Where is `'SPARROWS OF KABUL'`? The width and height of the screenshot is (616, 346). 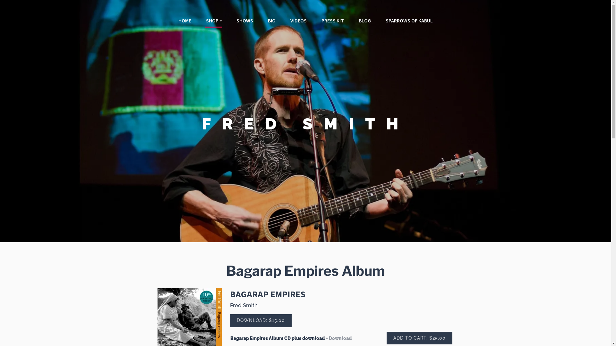 'SPARROWS OF KABUL' is located at coordinates (409, 21).